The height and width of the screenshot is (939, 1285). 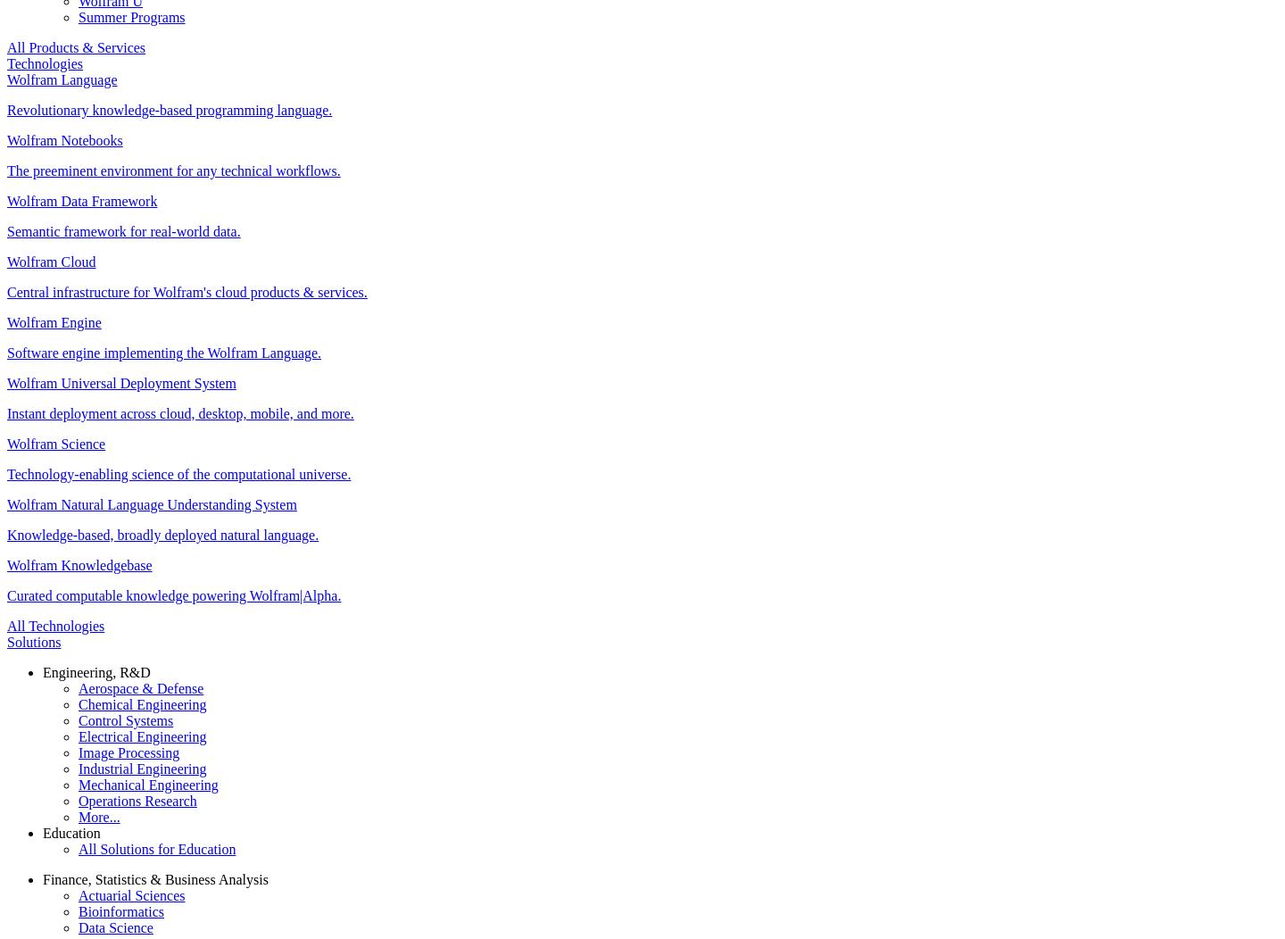 What do you see at coordinates (147, 784) in the screenshot?
I see `'Mechanical Engineering'` at bounding box center [147, 784].